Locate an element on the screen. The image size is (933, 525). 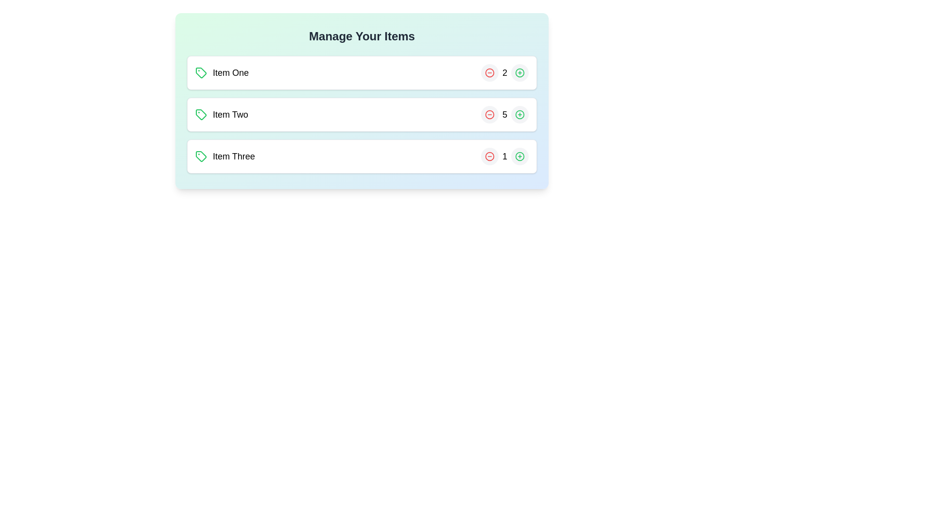
plus button for the item Item One to increase its quantity is located at coordinates (519, 72).